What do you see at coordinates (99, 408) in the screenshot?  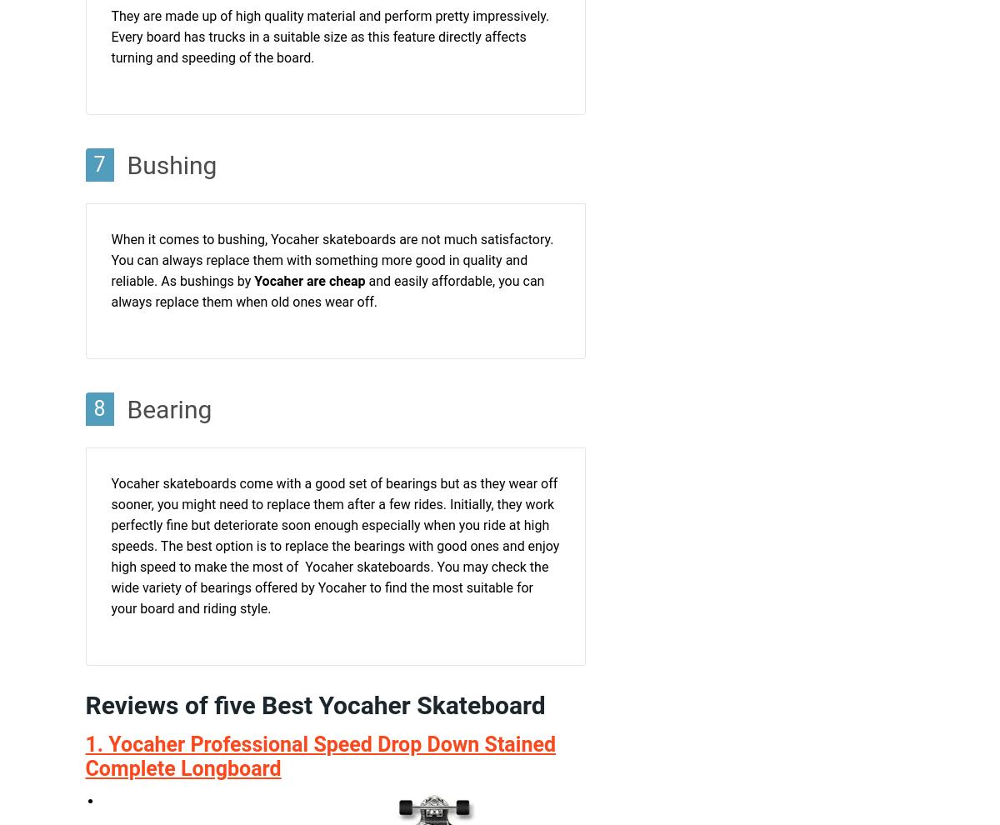 I see `'8'` at bounding box center [99, 408].